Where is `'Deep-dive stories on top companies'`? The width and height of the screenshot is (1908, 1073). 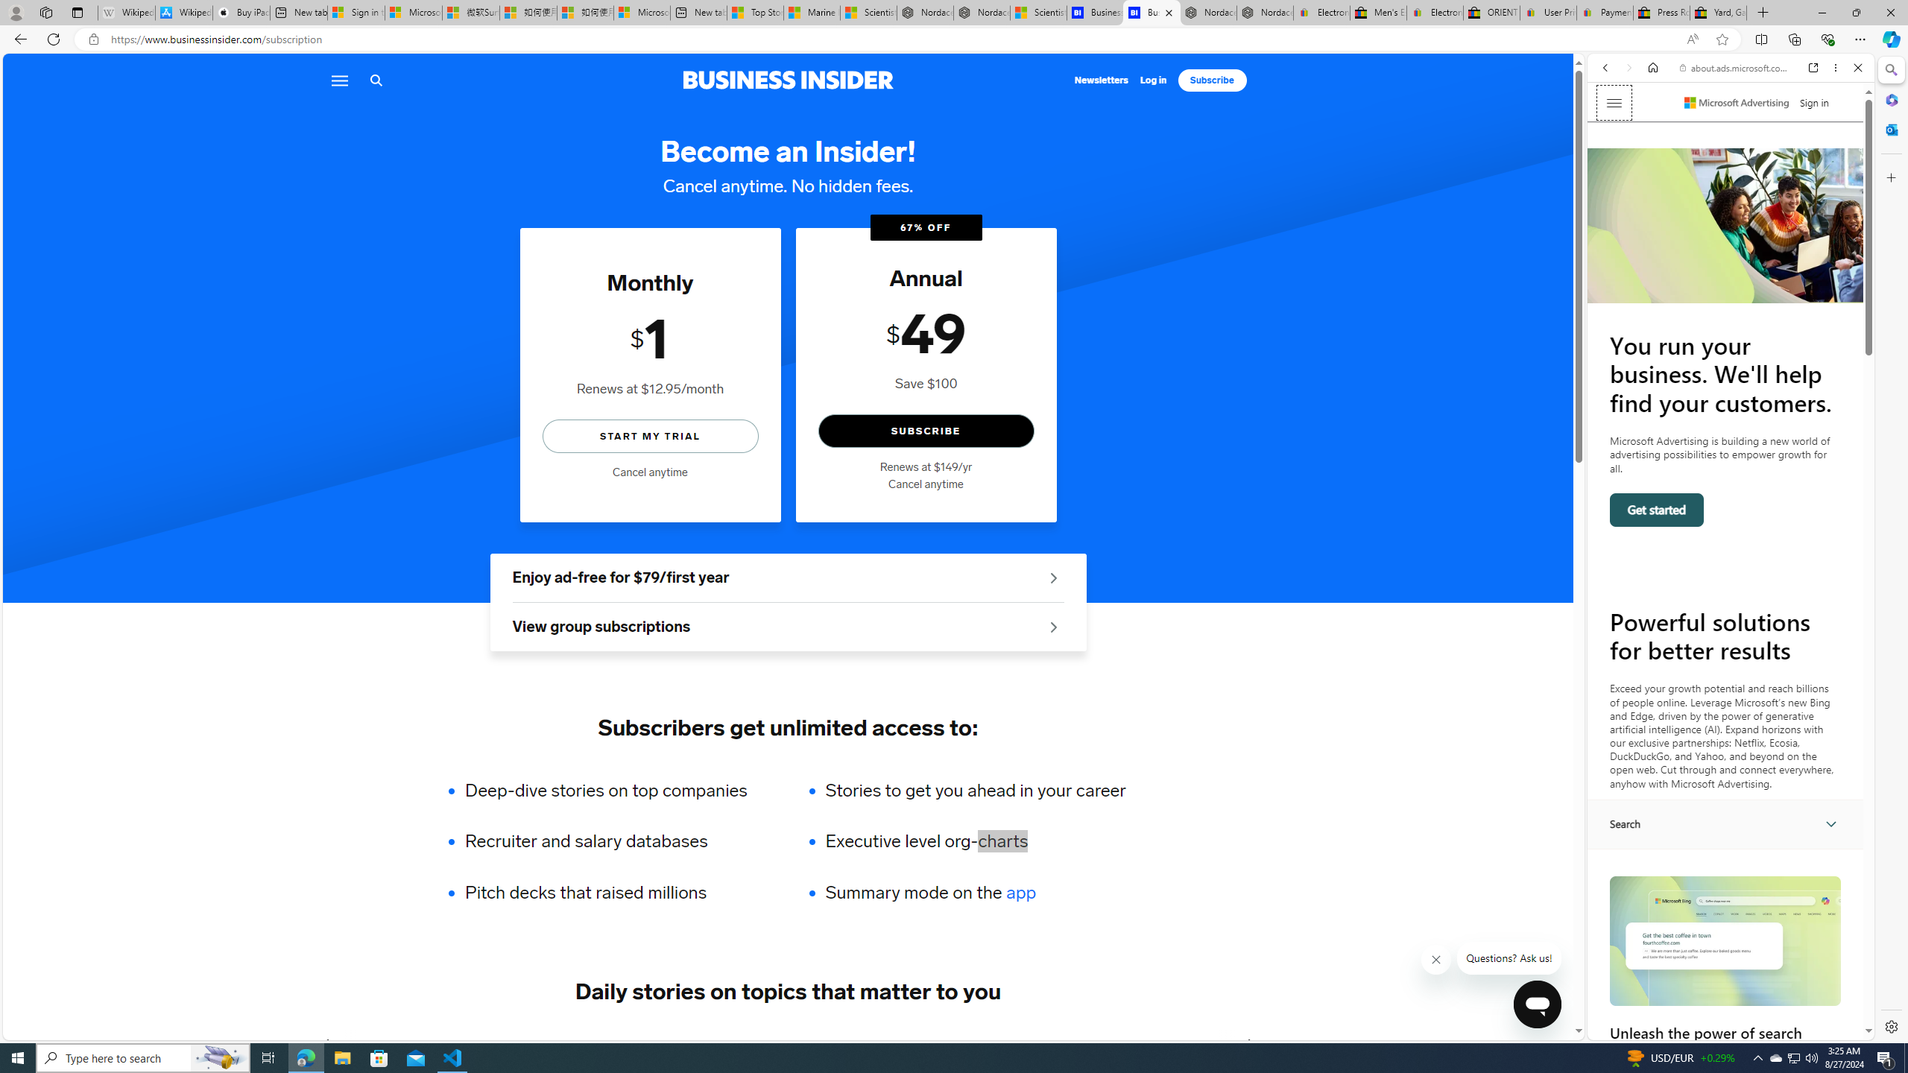
'Deep-dive stories on top companies' is located at coordinates (616, 790).